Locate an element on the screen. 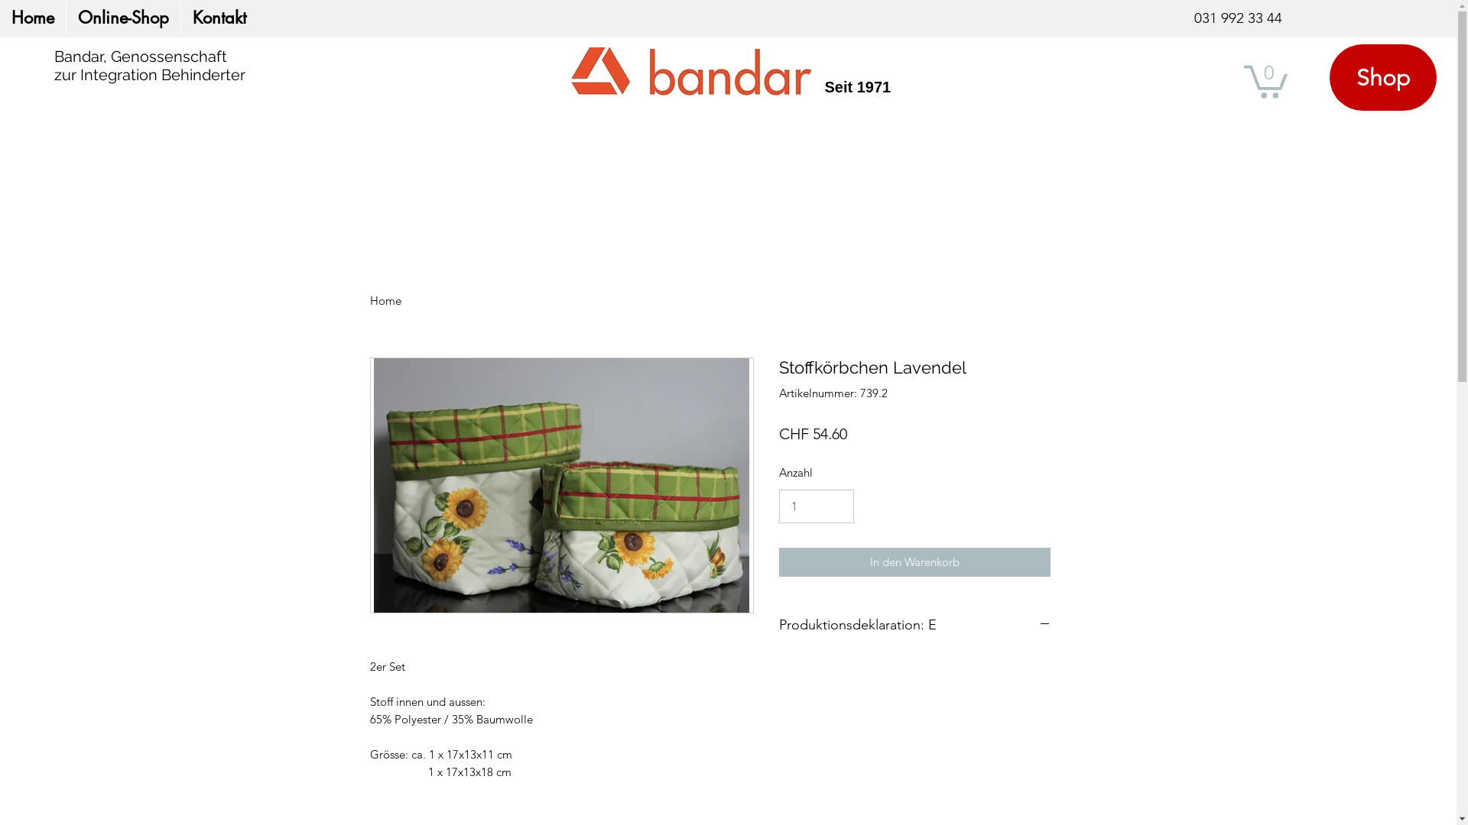  '0' is located at coordinates (1265, 79).